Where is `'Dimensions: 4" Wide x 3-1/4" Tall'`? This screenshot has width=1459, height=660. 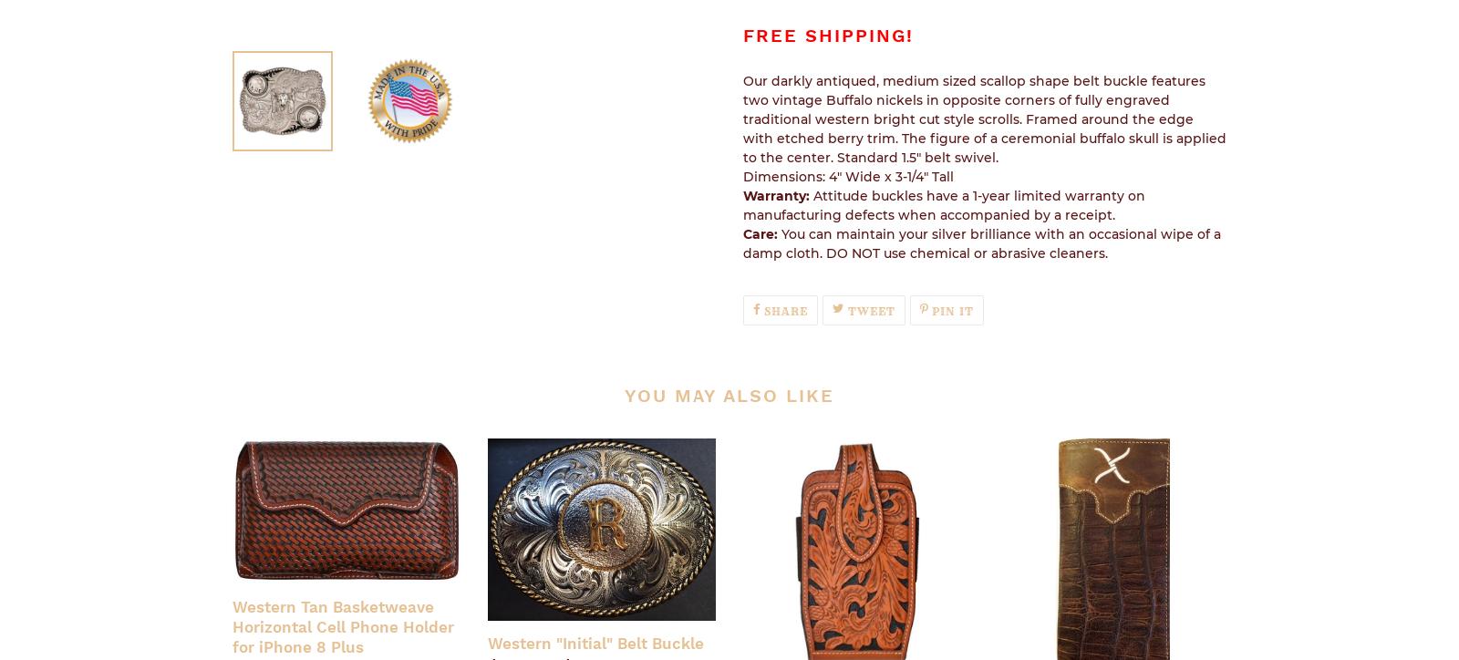
'Dimensions: 4" Wide x 3-1/4" Tall' is located at coordinates (847, 176).